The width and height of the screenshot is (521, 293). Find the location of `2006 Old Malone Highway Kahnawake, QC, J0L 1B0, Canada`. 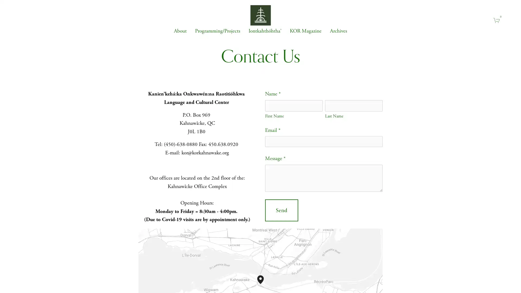

2006 Old Malone Highway Kahnawake, QC, J0L 1B0, Canada is located at coordinates (264, 284).